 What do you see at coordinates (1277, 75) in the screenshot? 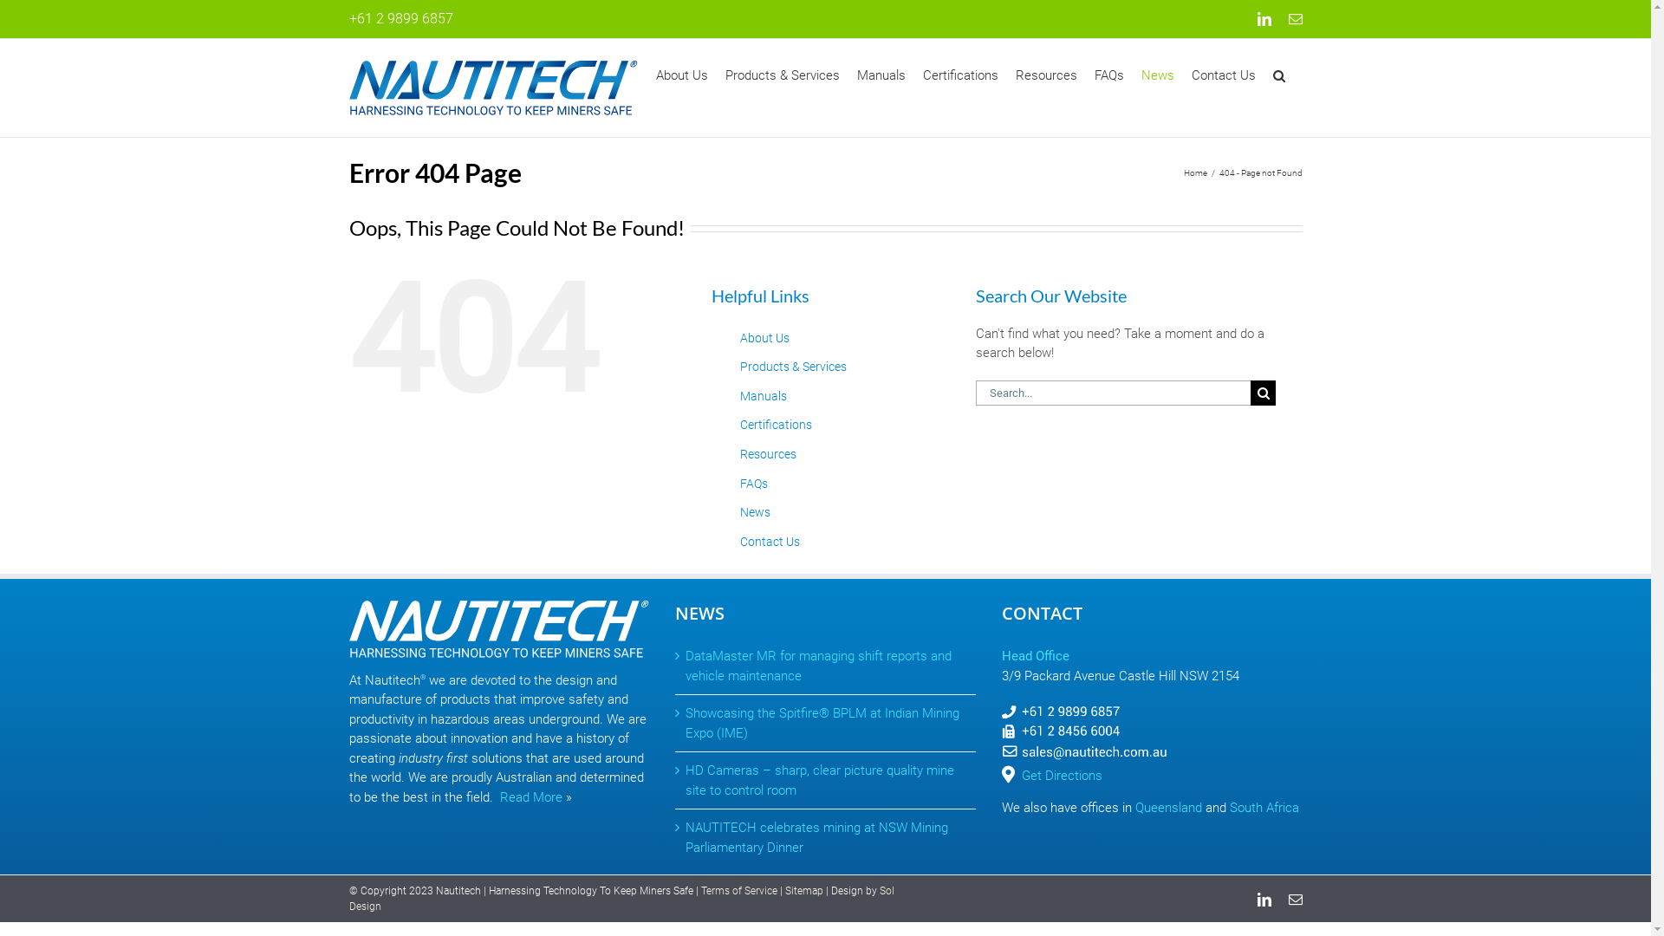
I see `'Search'` at bounding box center [1277, 75].